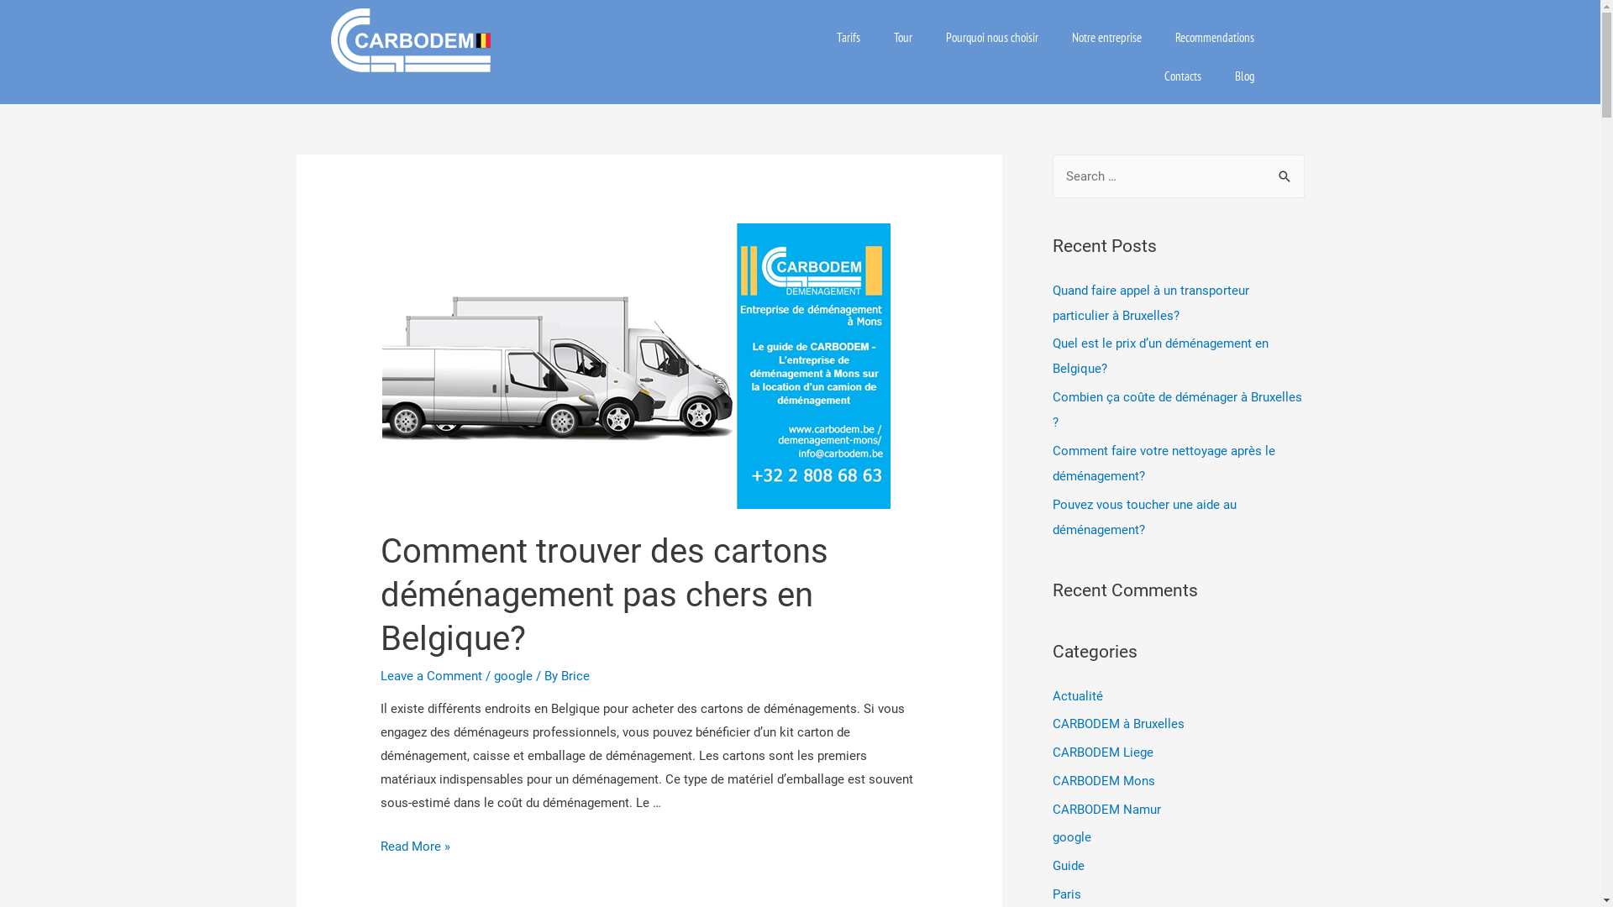 Image resolution: width=1613 pixels, height=907 pixels. What do you see at coordinates (1181, 76) in the screenshot?
I see `'Contacts'` at bounding box center [1181, 76].